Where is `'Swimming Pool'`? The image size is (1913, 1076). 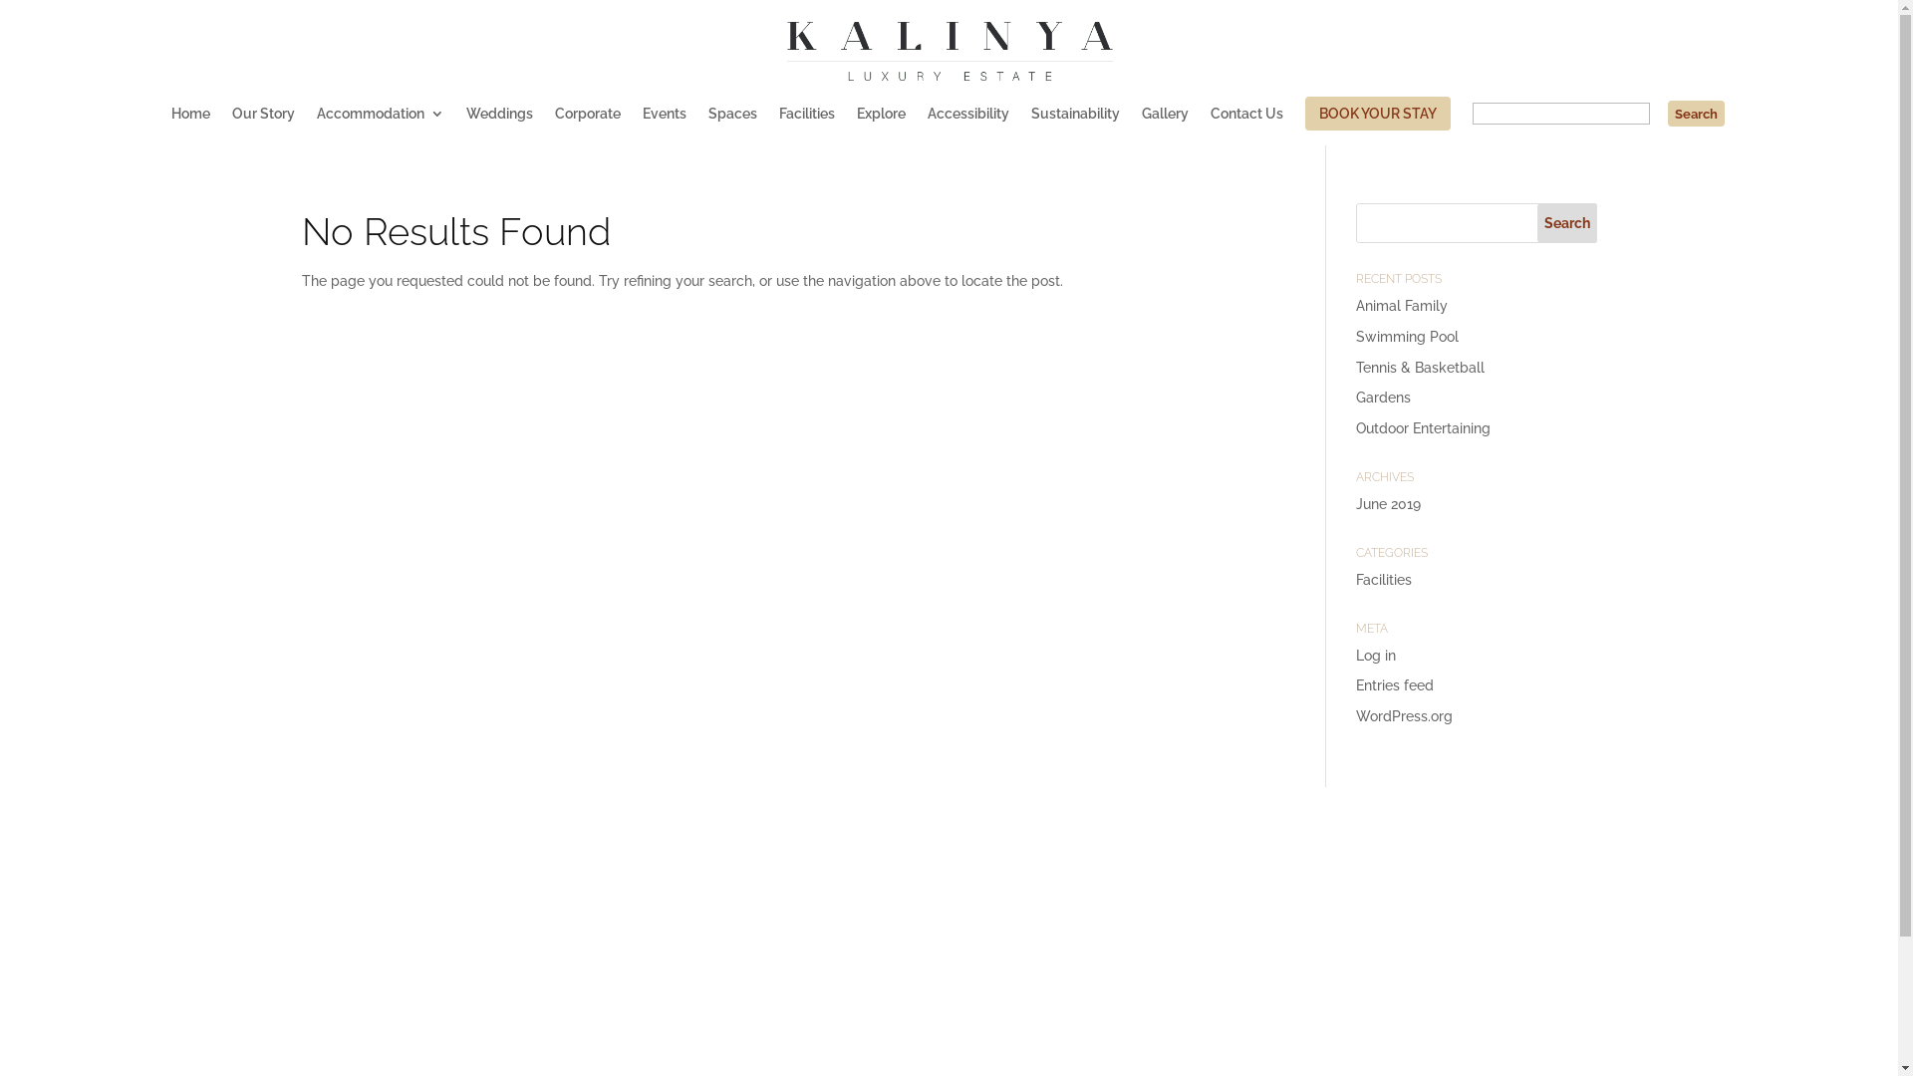 'Swimming Pool' is located at coordinates (1355, 336).